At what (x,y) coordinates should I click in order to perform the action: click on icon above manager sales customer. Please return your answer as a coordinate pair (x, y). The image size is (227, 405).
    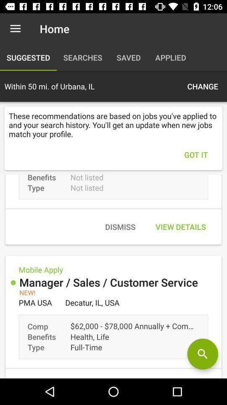
    Looking at the image, I should click on (180, 226).